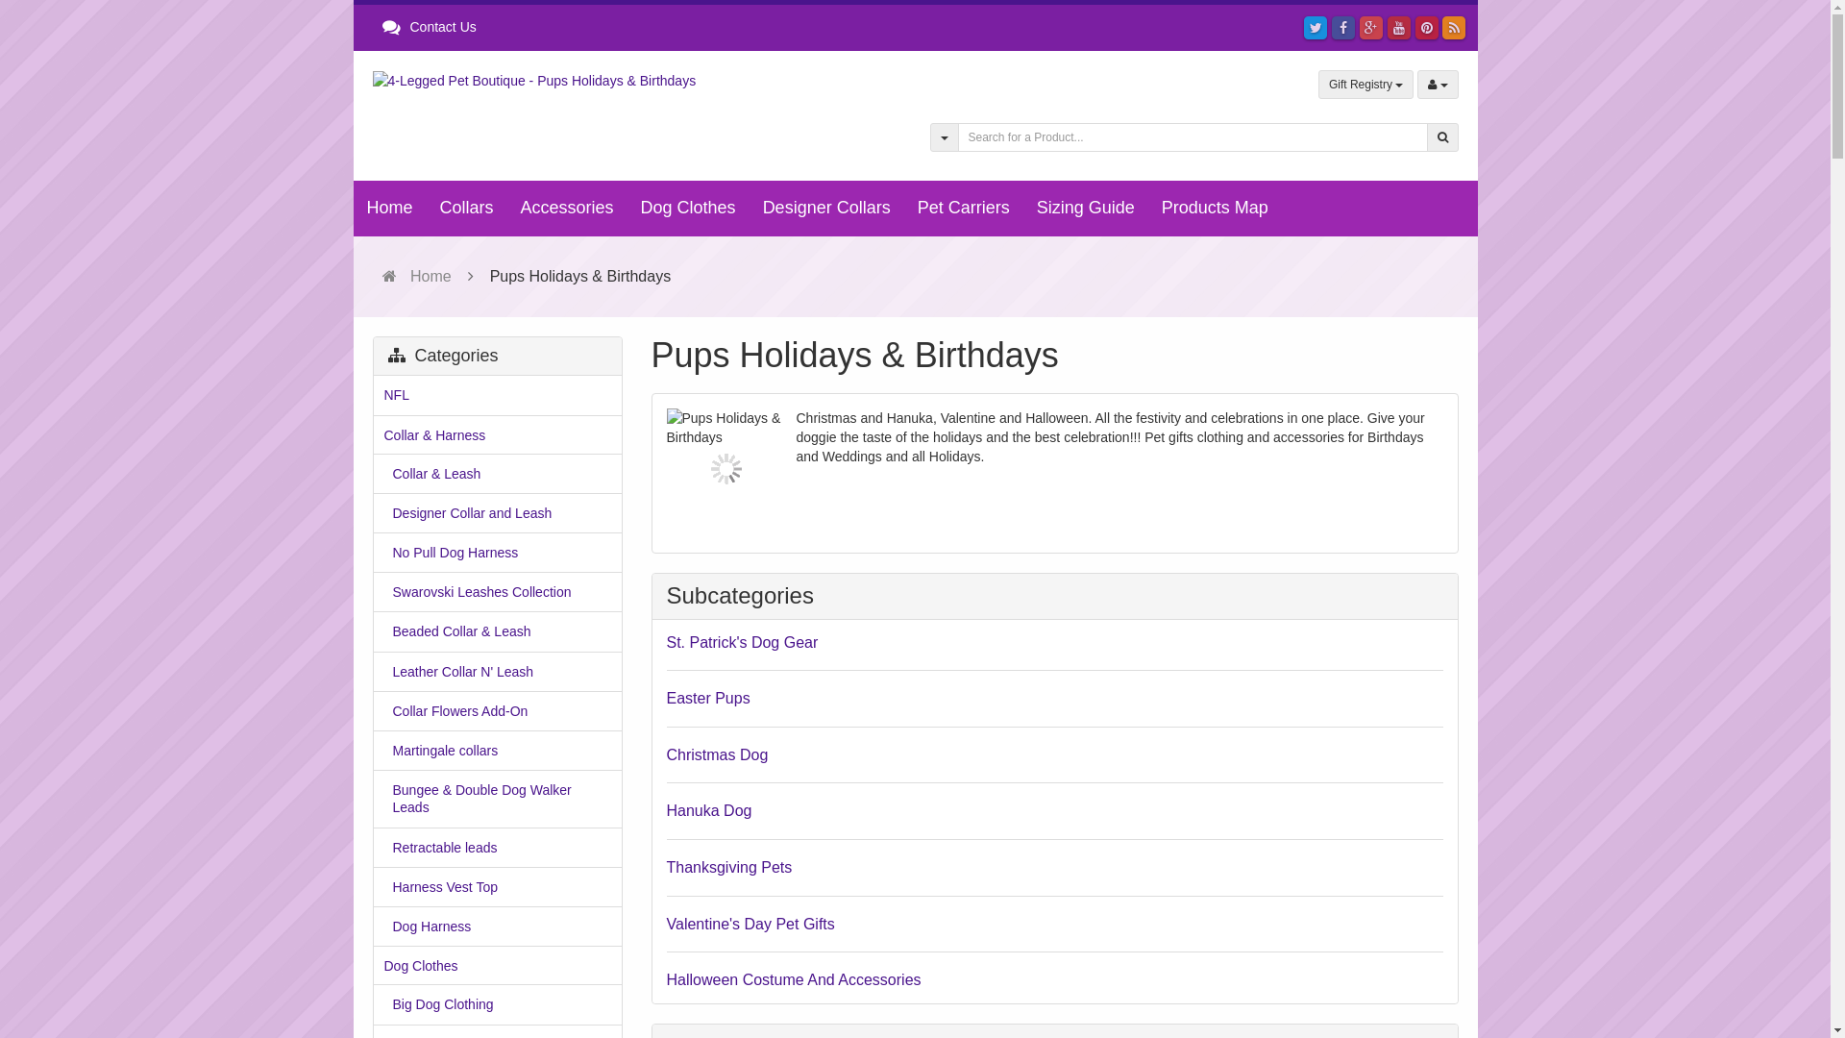 The width and height of the screenshot is (1845, 1038). What do you see at coordinates (497, 511) in the screenshot?
I see `'Designer Collar and Leash'` at bounding box center [497, 511].